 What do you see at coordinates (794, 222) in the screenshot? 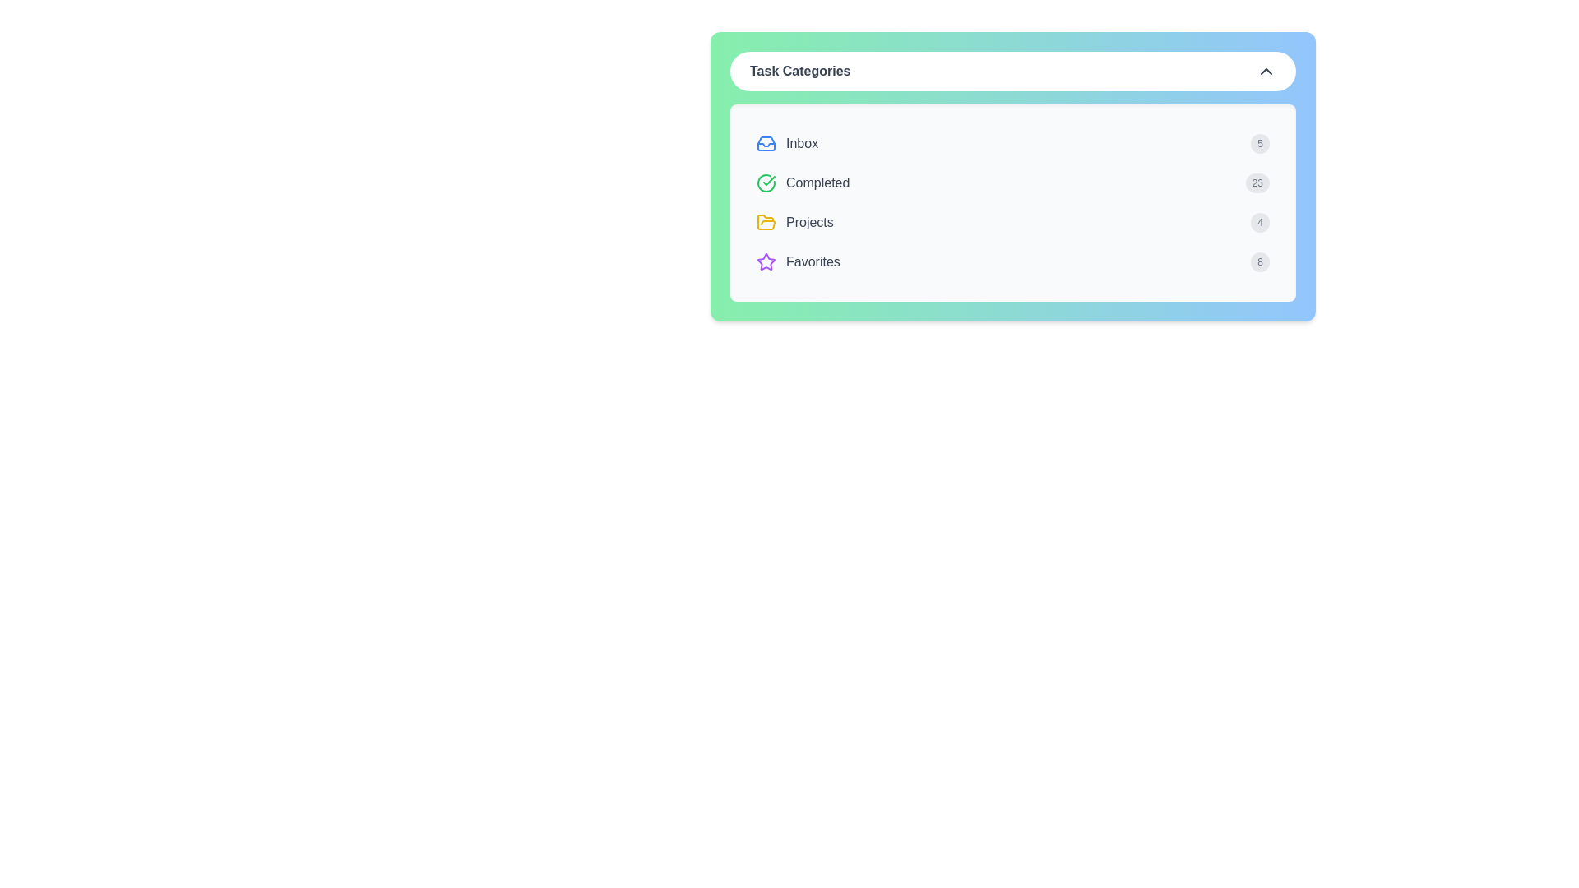
I see `the labeled icon button representing an open yellow folder with the text 'Projects'` at bounding box center [794, 222].